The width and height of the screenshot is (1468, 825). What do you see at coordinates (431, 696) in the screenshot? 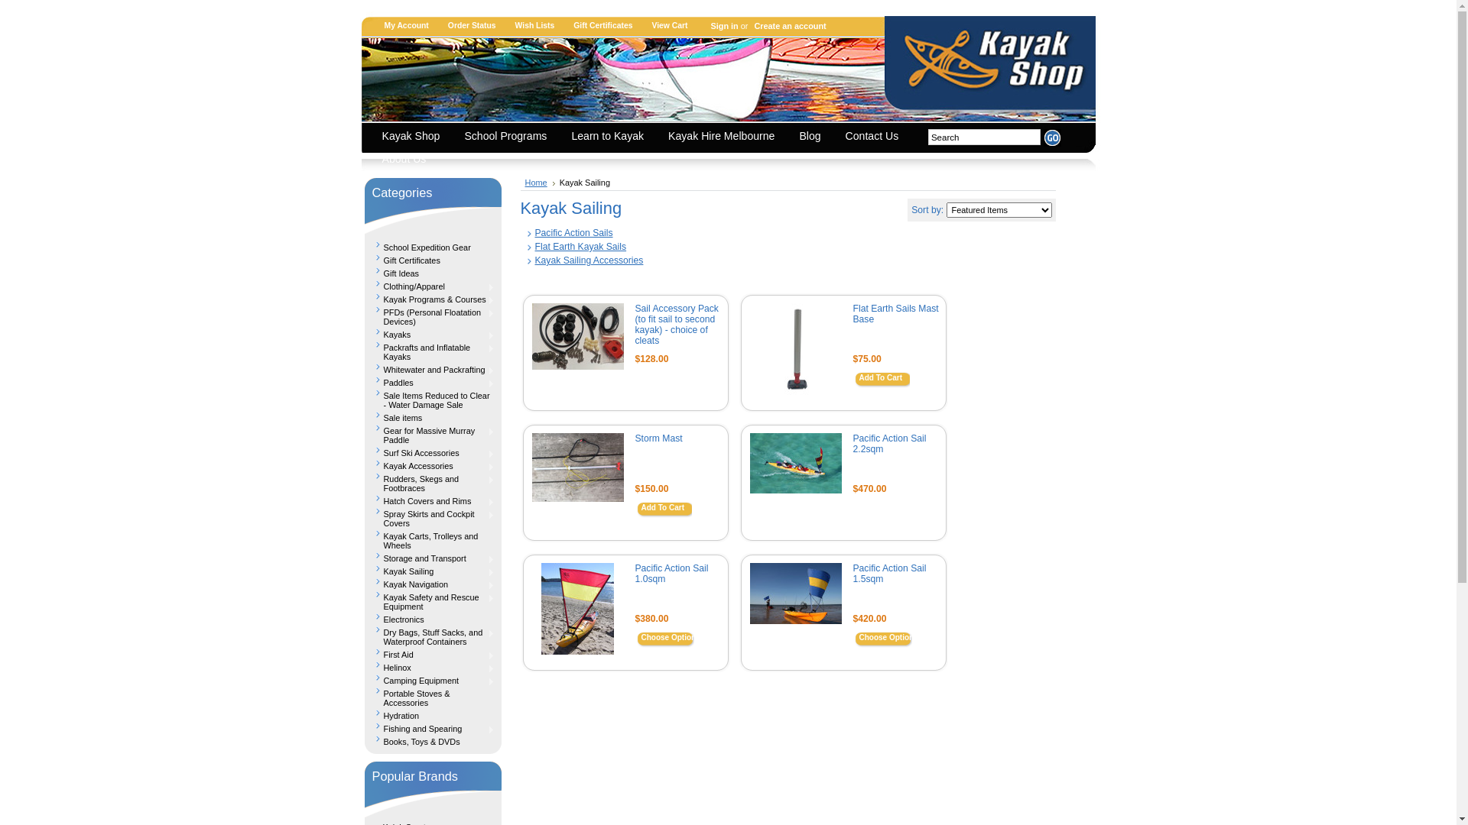
I see `'Portable Stoves & Accessories'` at bounding box center [431, 696].